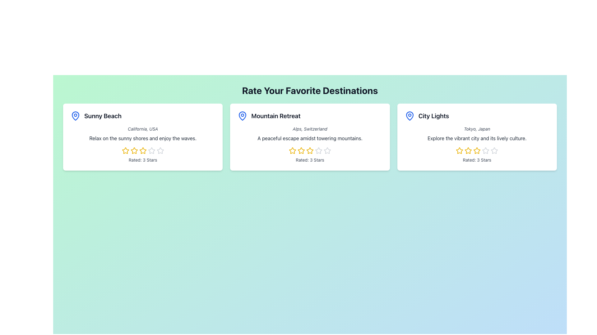 The height and width of the screenshot is (335, 597). What do you see at coordinates (242, 116) in the screenshot?
I see `the geographical location icon representing 'Mountain Retreat'` at bounding box center [242, 116].